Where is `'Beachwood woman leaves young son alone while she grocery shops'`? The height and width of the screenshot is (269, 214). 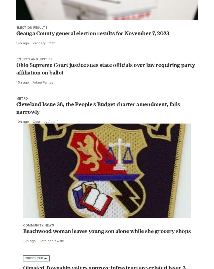 'Beachwood woman leaves young son alone while she grocery shops' is located at coordinates (107, 242).